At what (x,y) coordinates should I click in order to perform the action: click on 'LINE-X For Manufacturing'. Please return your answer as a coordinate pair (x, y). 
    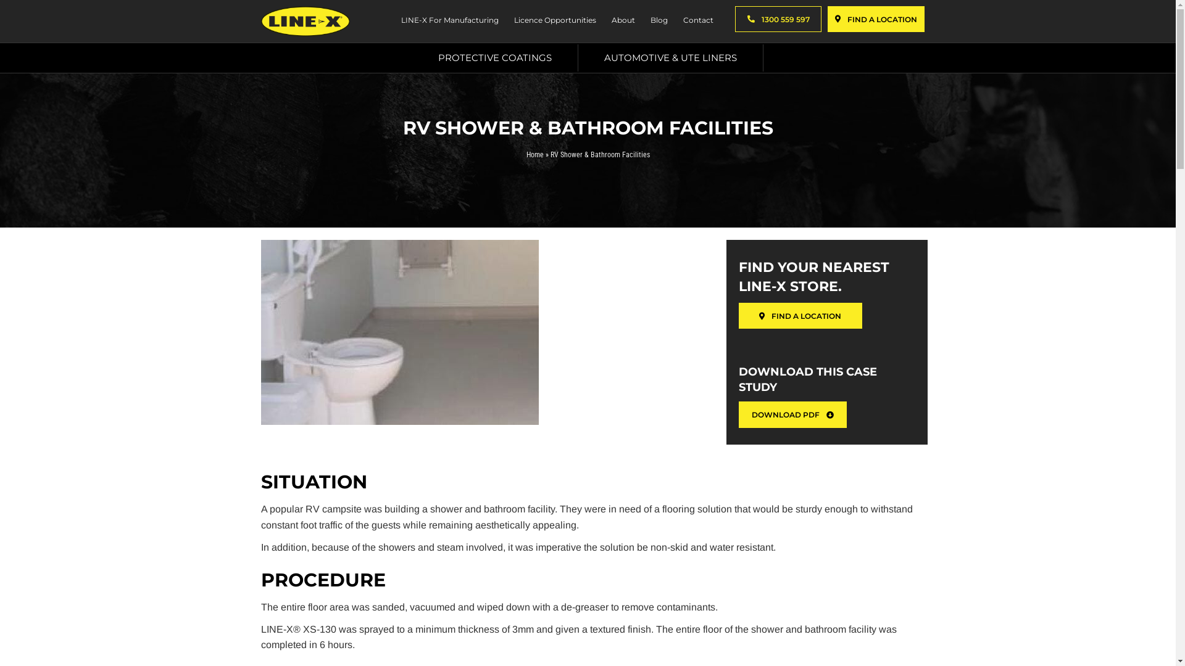
    Looking at the image, I should click on (447, 21).